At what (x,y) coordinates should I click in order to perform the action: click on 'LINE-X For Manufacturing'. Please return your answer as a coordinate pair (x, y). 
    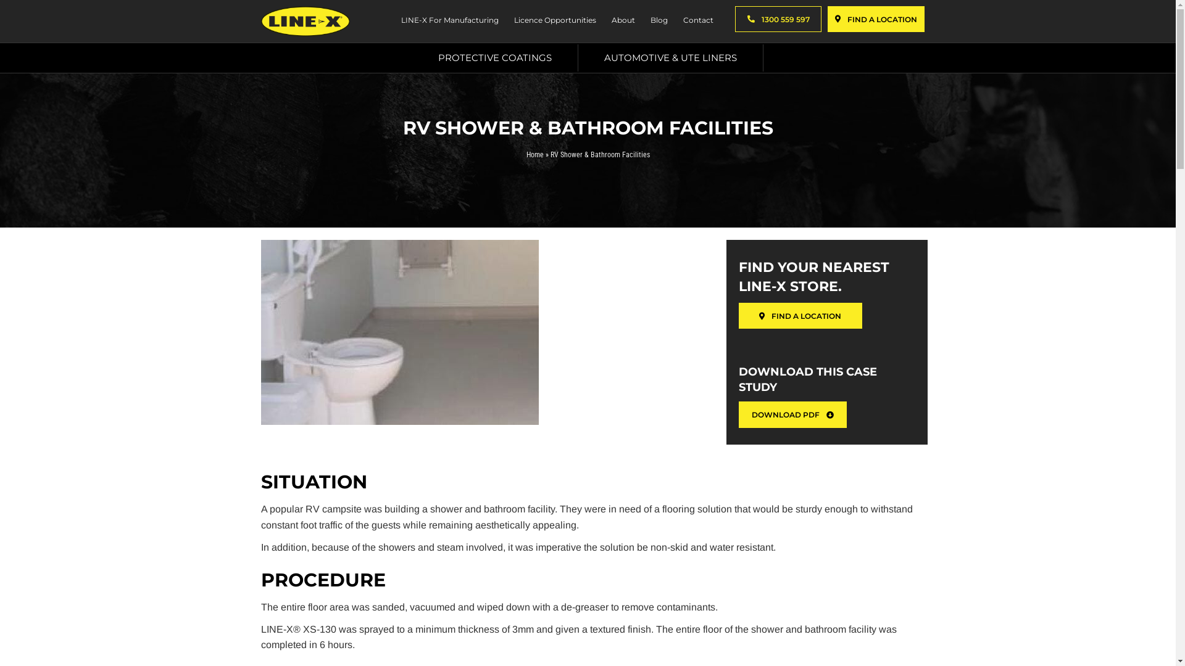
    Looking at the image, I should click on (447, 21).